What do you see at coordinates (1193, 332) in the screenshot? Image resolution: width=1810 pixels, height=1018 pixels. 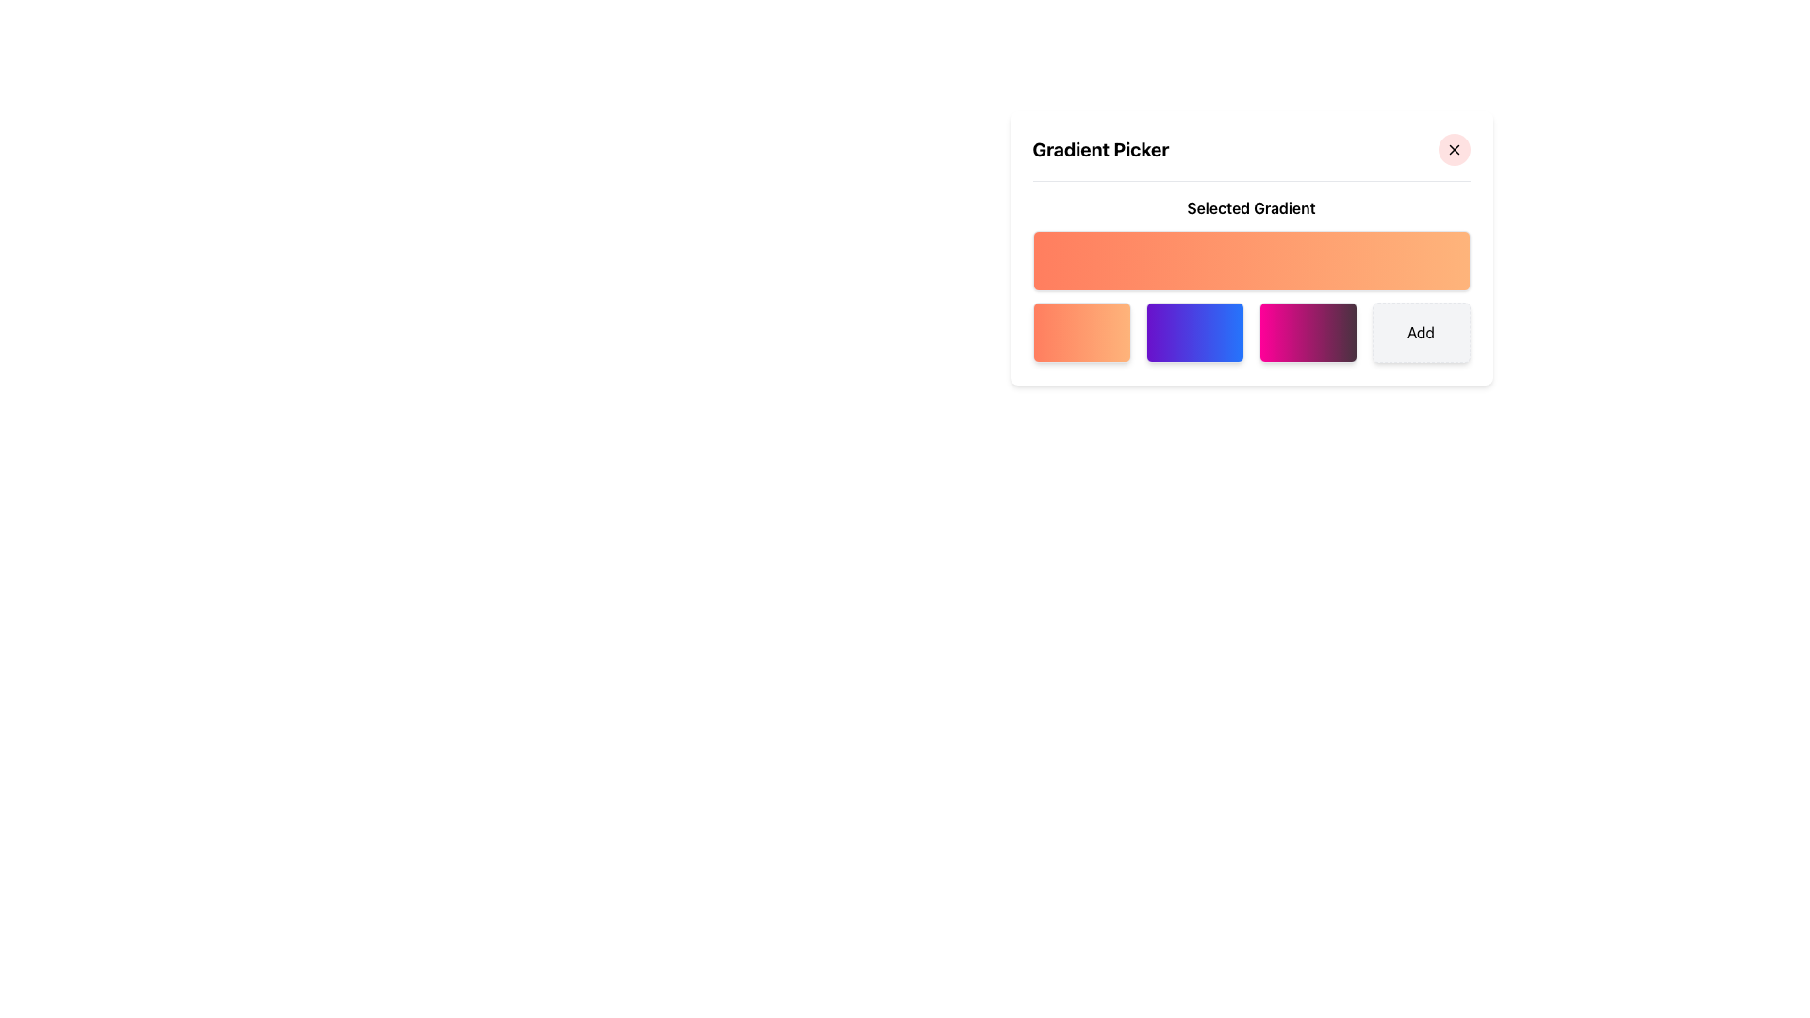 I see `the second gradient button in the Gradient Picker interface` at bounding box center [1193, 332].